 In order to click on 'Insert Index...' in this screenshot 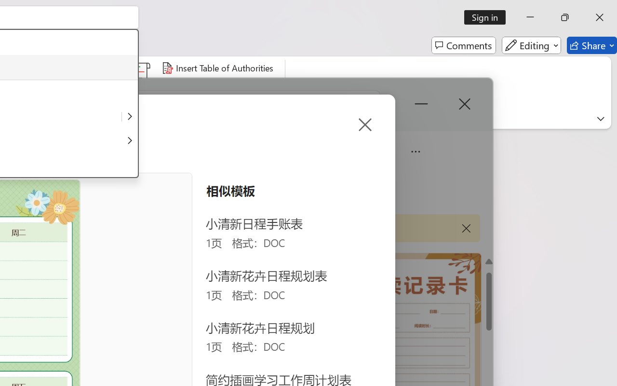, I will do `click(71, 68)`.